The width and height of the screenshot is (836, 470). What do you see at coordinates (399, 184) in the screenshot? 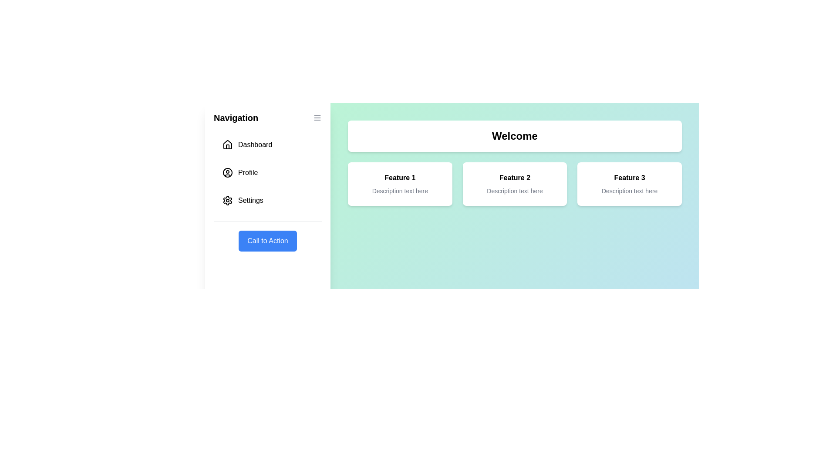
I see `the feature card labeled Feature 1` at bounding box center [399, 184].